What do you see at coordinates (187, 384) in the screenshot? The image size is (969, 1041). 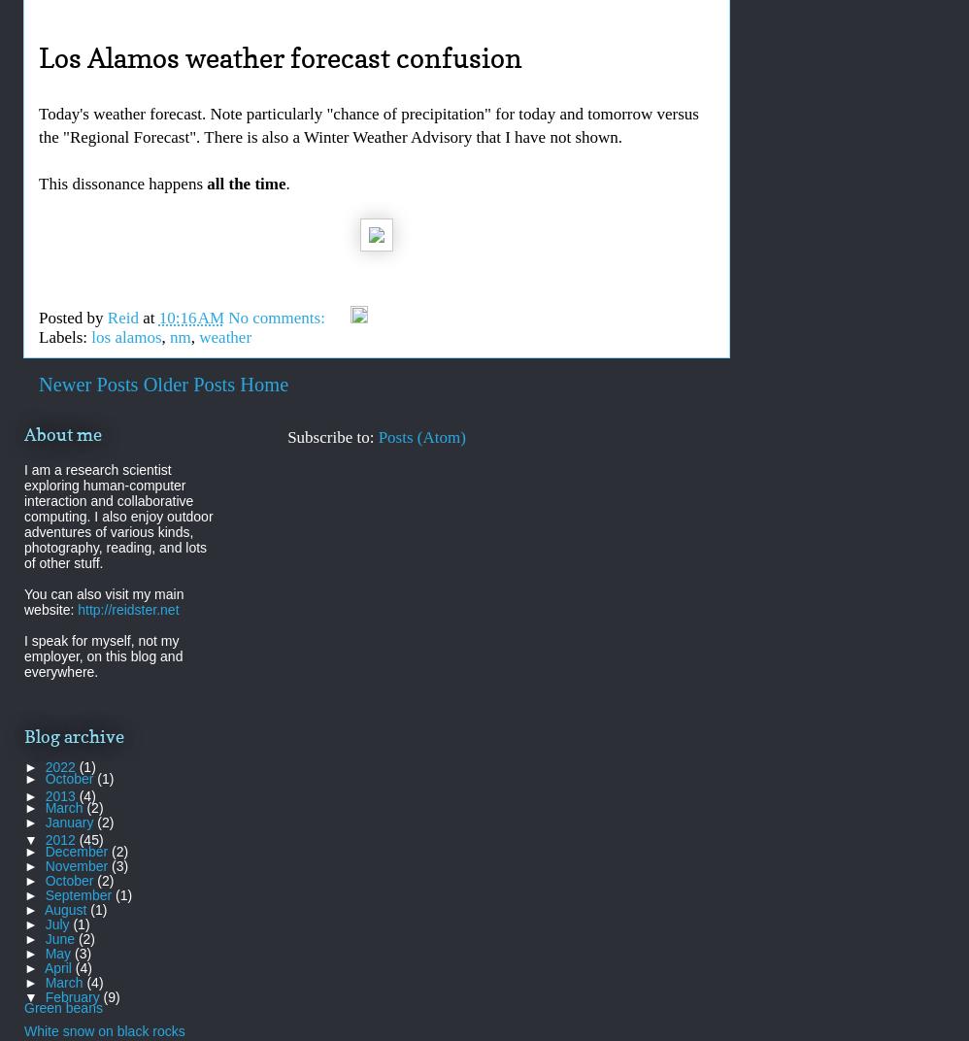 I see `'Older Posts'` at bounding box center [187, 384].